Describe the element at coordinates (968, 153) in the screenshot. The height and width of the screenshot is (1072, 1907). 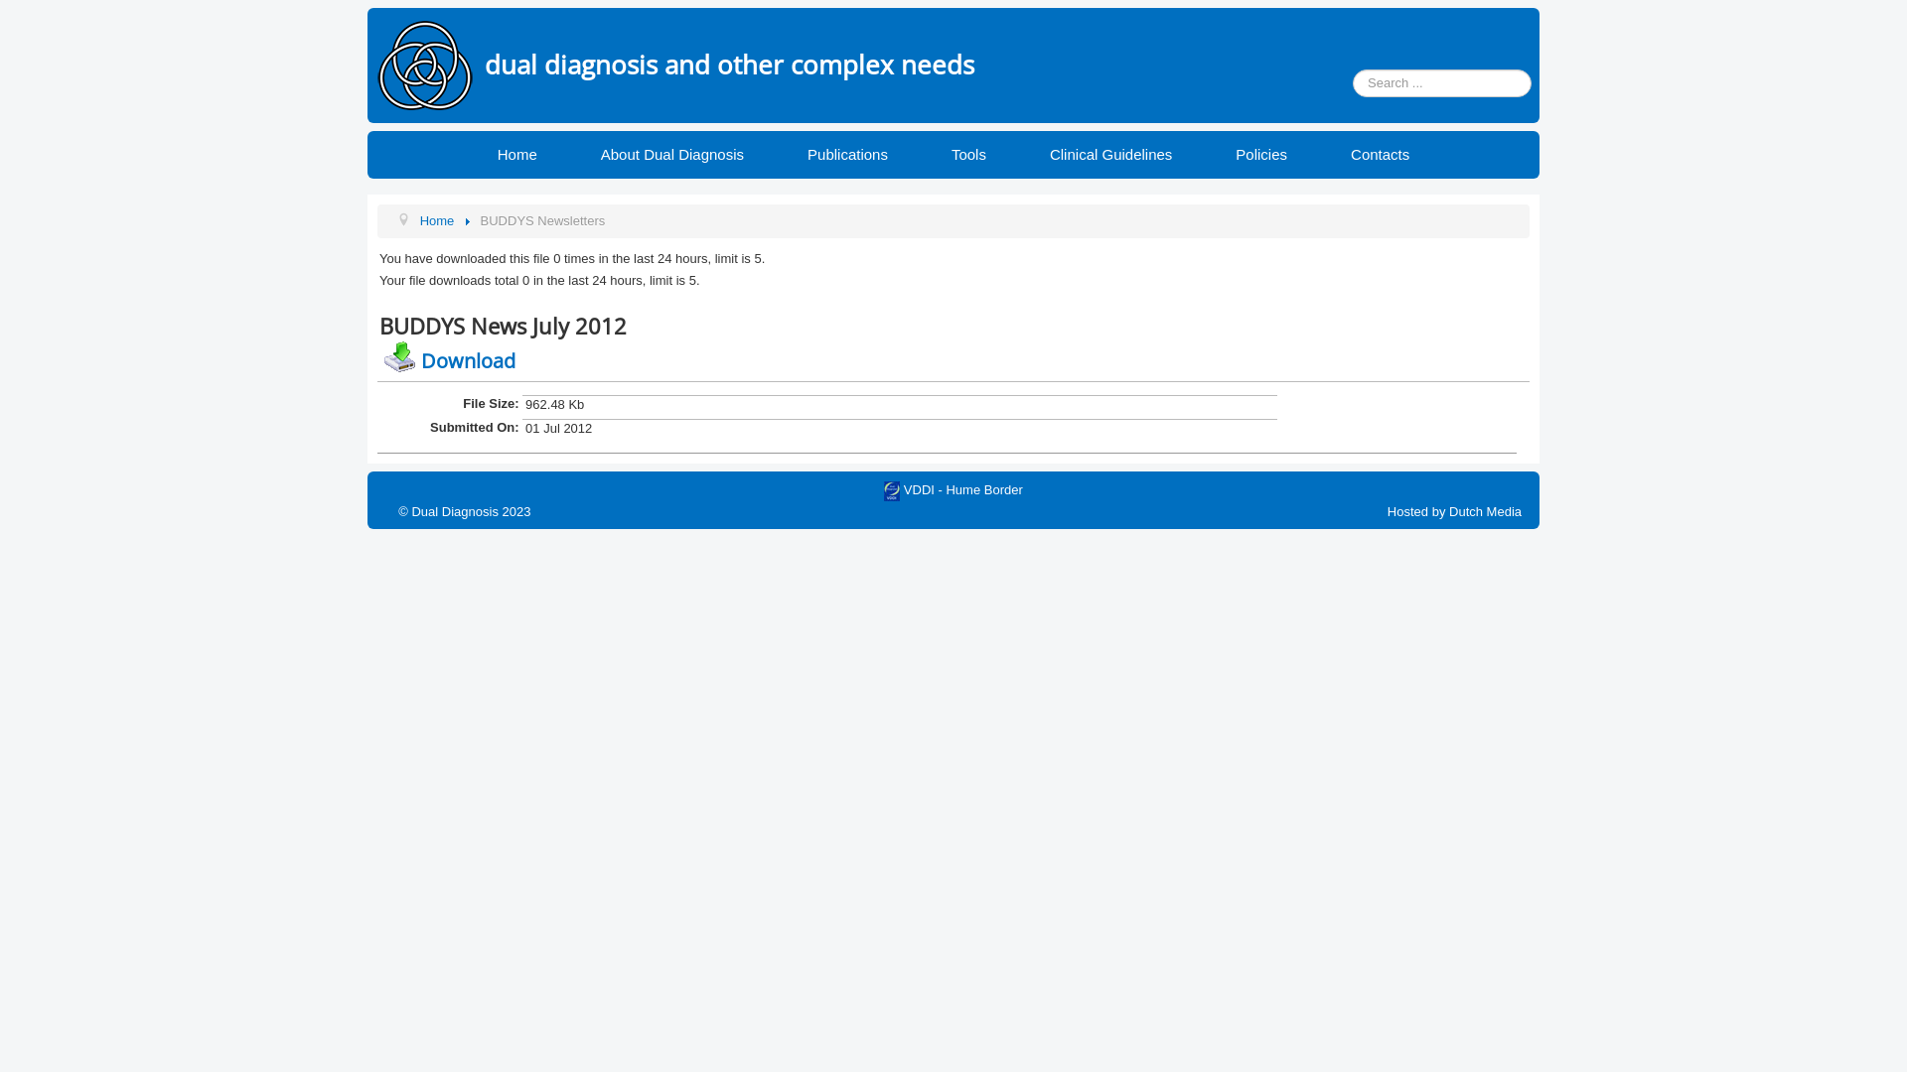
I see `'Tools'` at that location.